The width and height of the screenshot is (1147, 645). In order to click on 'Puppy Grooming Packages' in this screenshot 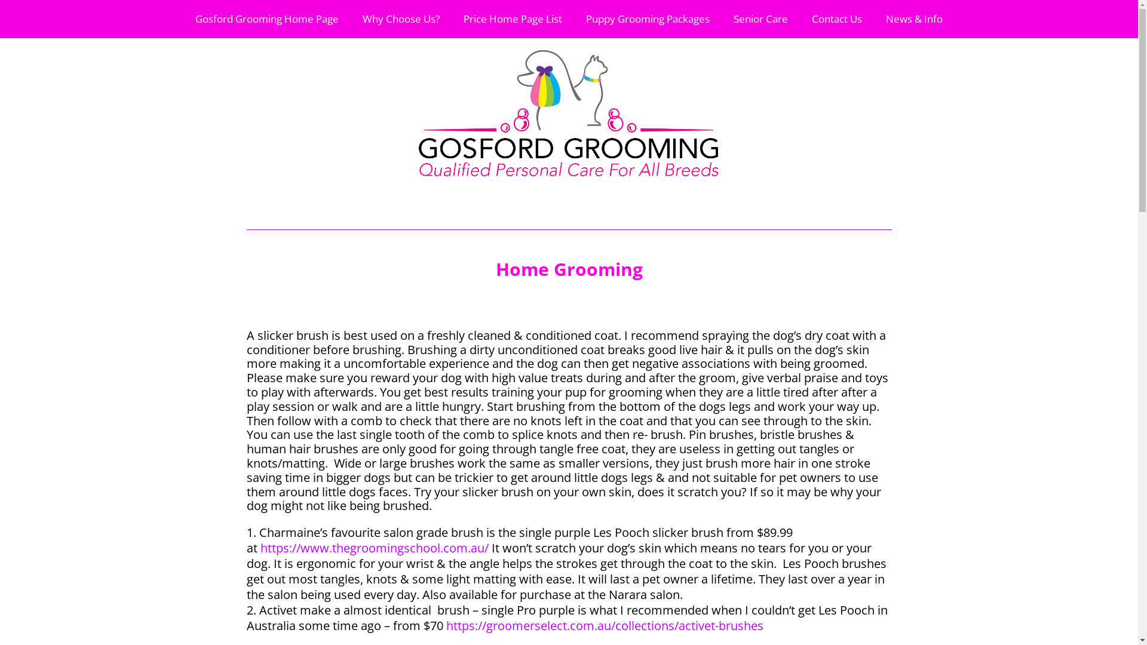, I will do `click(647, 19)`.